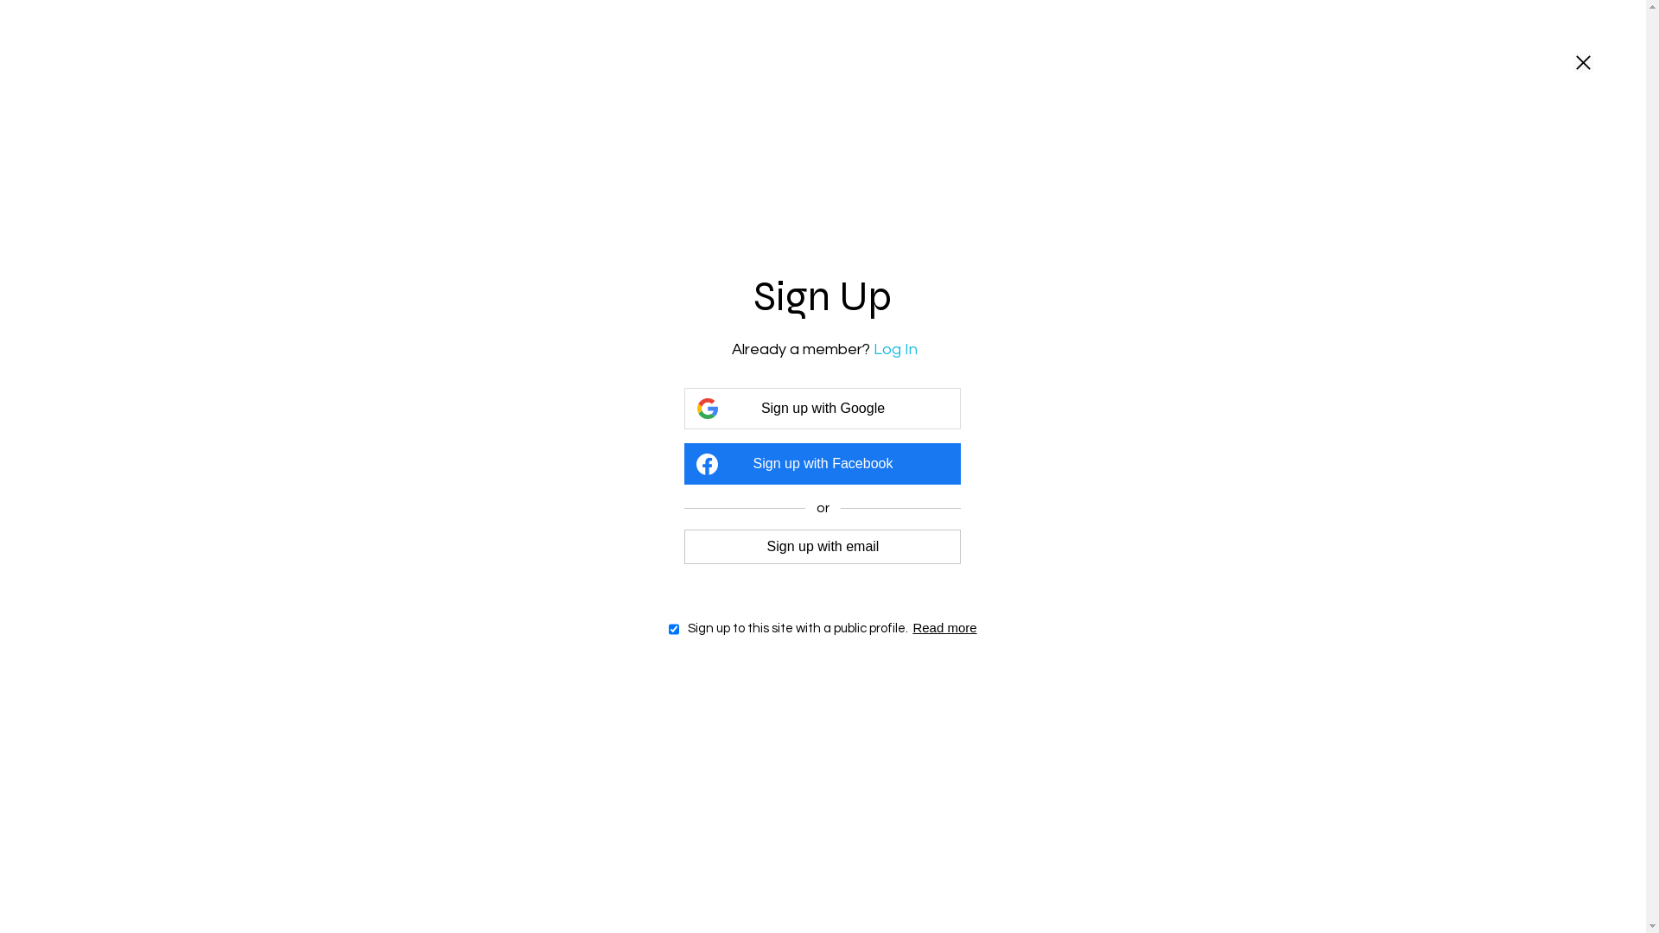 The image size is (1659, 933). I want to click on 'Sign up with Facebook', so click(821, 462).